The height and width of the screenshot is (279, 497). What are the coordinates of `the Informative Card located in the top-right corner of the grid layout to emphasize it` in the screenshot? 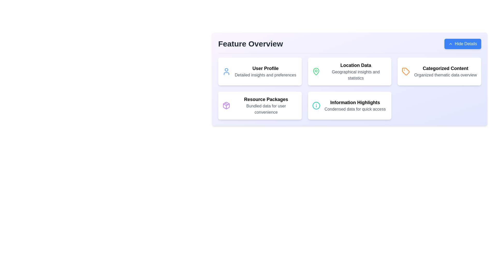 It's located at (439, 72).